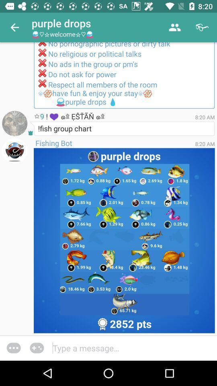 The width and height of the screenshot is (217, 386). Describe the element at coordinates (14, 27) in the screenshot. I see `item to the left of the purple drops` at that location.